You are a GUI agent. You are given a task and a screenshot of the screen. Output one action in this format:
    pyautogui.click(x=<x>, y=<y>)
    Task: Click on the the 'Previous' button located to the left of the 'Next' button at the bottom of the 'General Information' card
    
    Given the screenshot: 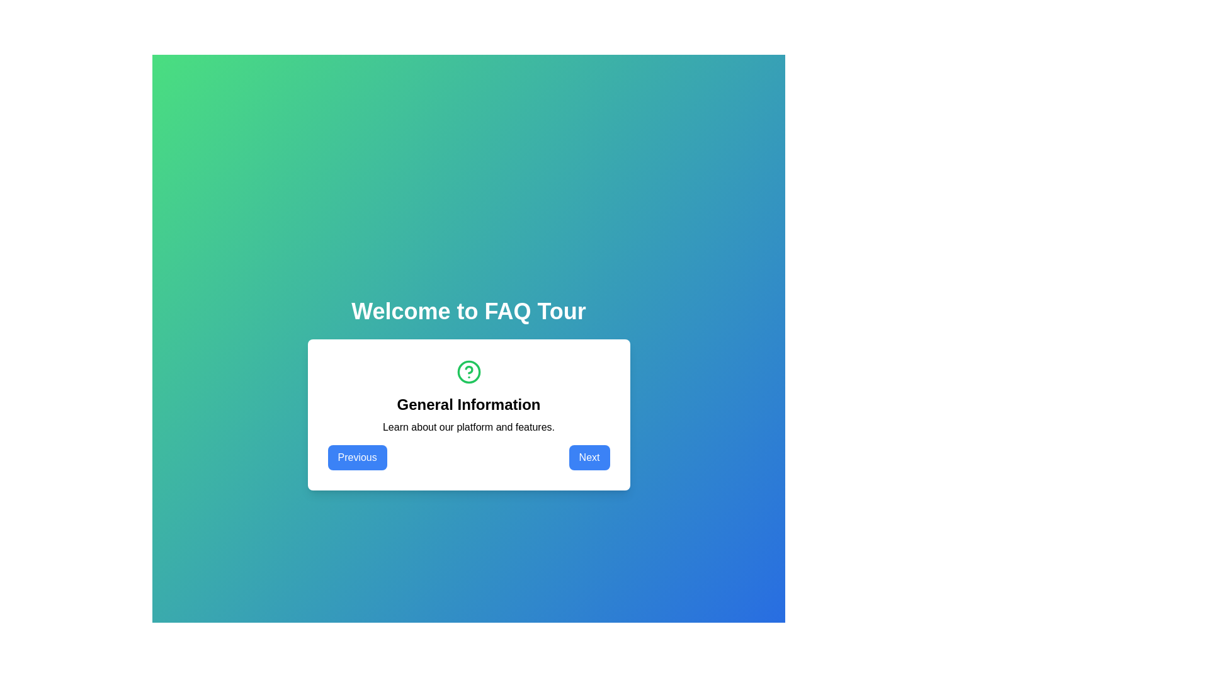 What is the action you would take?
    pyautogui.click(x=356, y=457)
    